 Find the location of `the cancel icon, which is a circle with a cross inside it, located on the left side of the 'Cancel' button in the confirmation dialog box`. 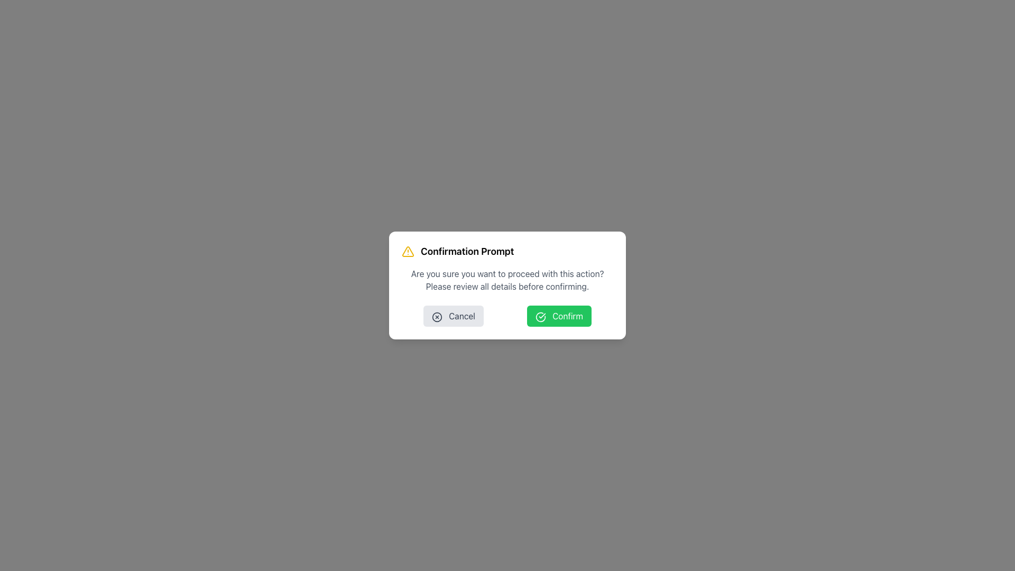

the cancel icon, which is a circle with a cross inside it, located on the left side of the 'Cancel' button in the confirmation dialog box is located at coordinates (437, 316).